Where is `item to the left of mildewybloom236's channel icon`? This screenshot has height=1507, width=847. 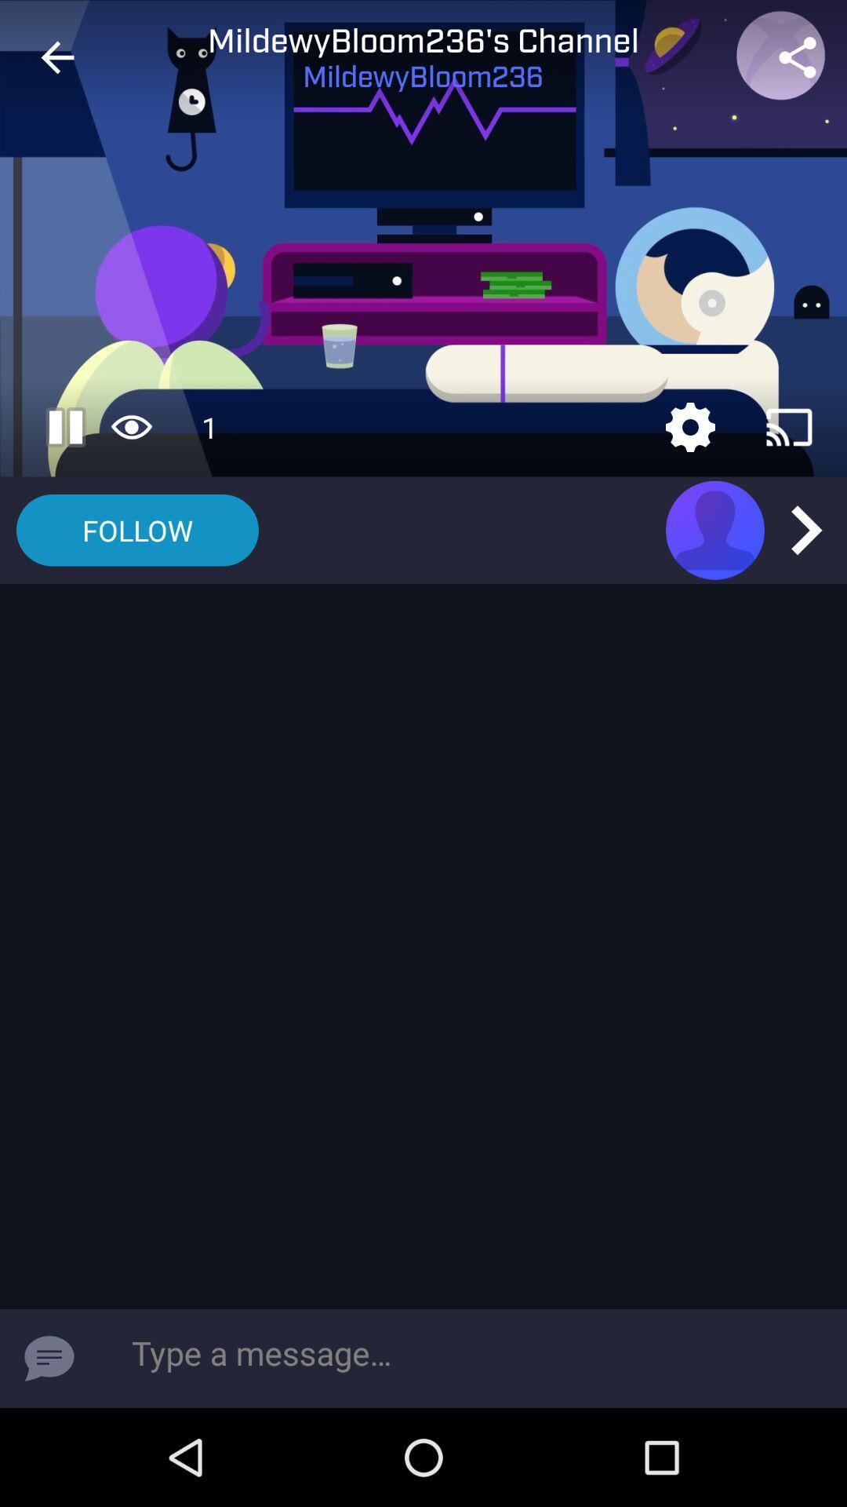
item to the left of mildewybloom236's channel icon is located at coordinates (56, 57).